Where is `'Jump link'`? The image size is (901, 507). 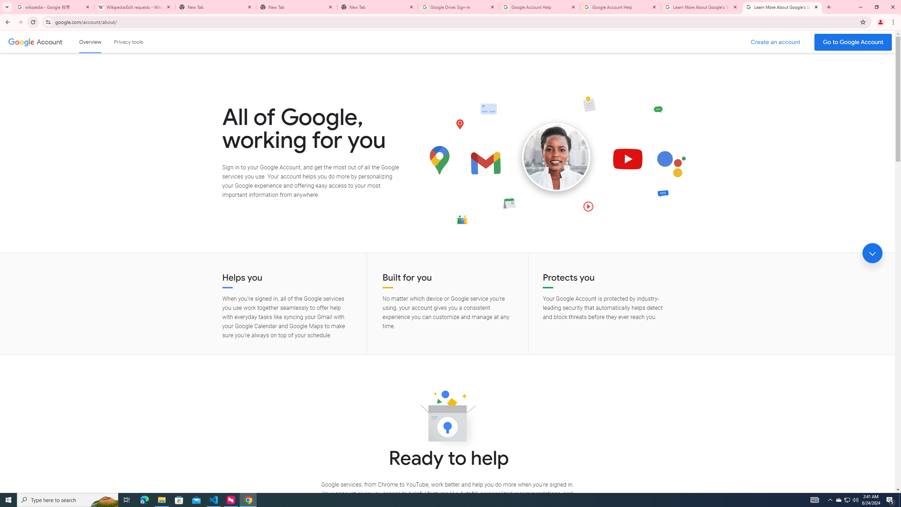
'Jump link' is located at coordinates (872, 253).